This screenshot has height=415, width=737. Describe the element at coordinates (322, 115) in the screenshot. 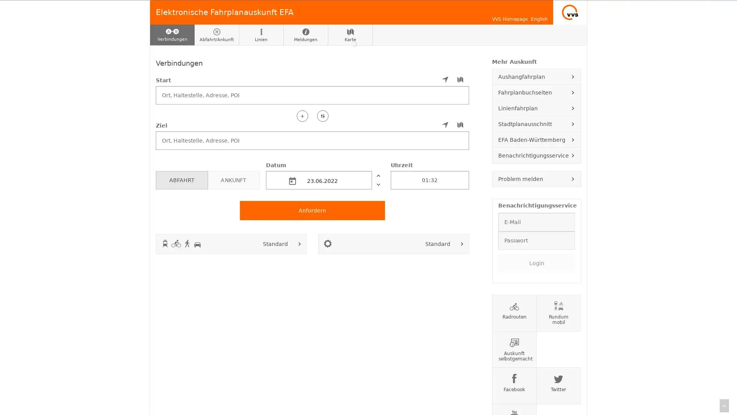

I see `Start und Ziel tauschen` at that location.